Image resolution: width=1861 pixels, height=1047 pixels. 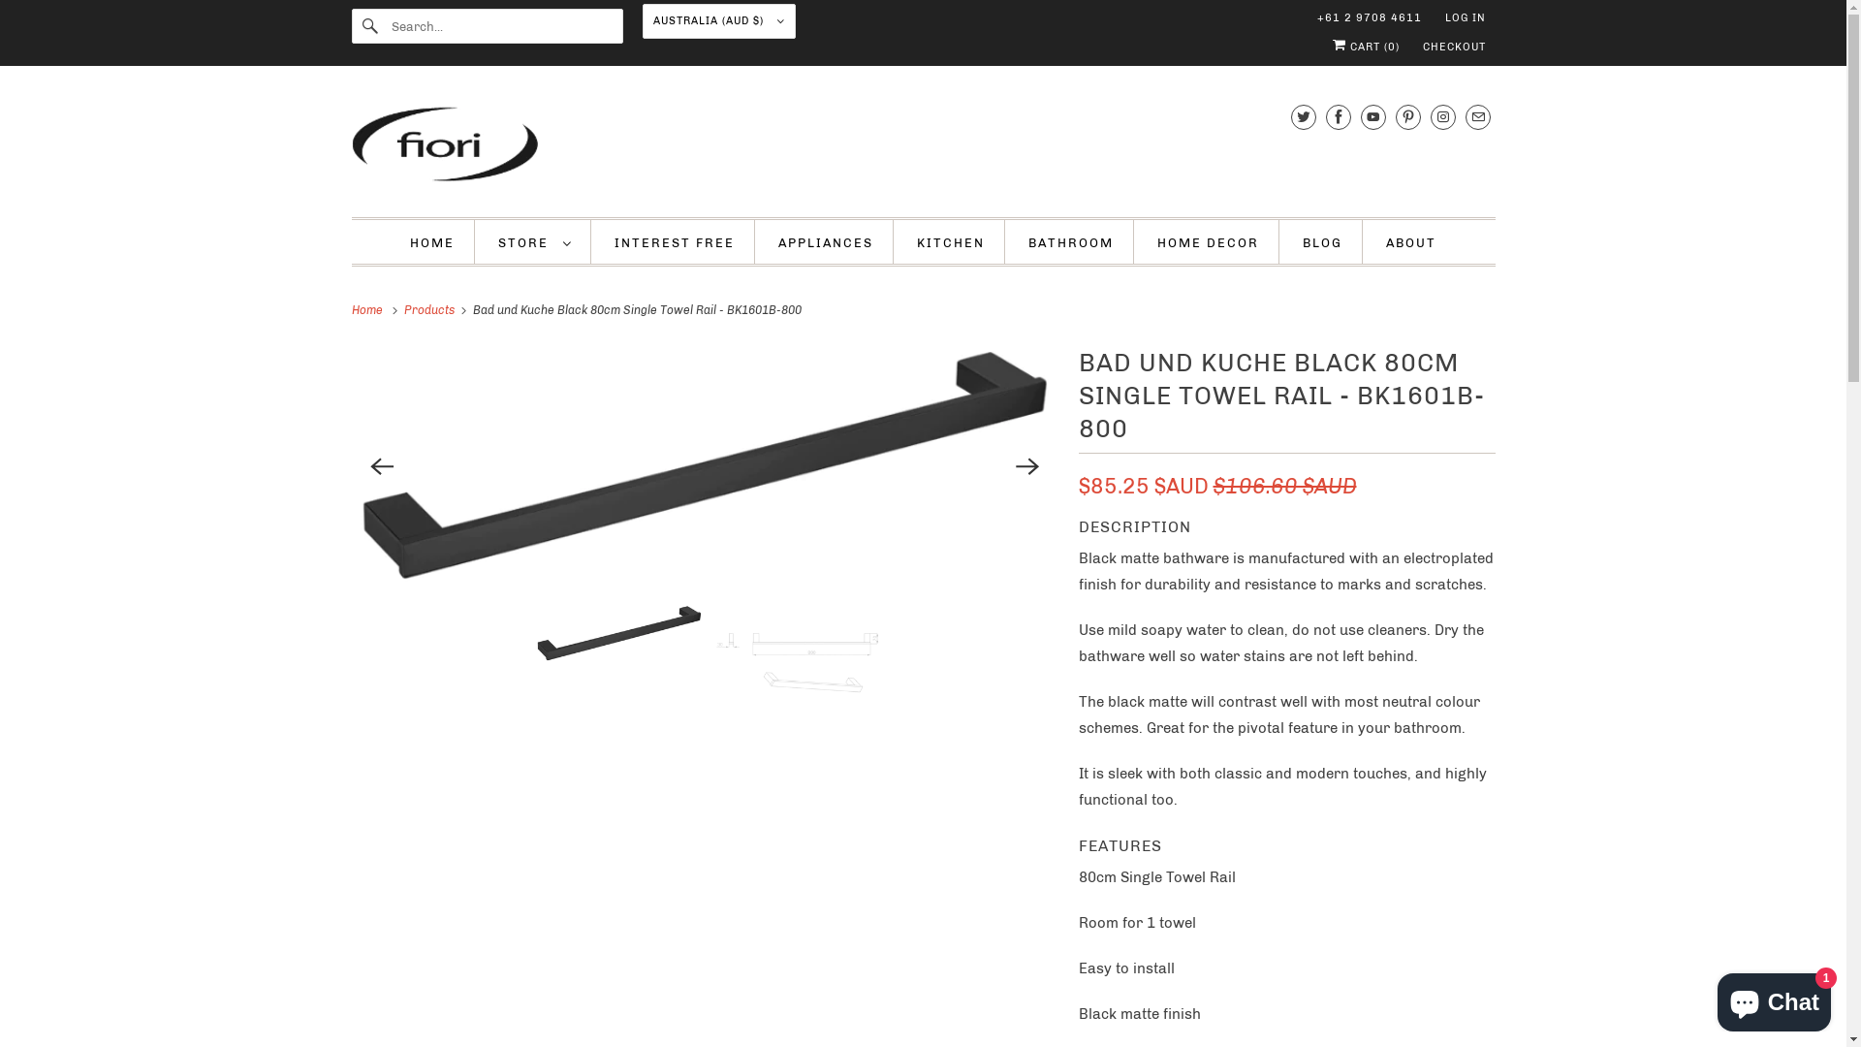 What do you see at coordinates (1454, 47) in the screenshot?
I see `'CHECKOUT'` at bounding box center [1454, 47].